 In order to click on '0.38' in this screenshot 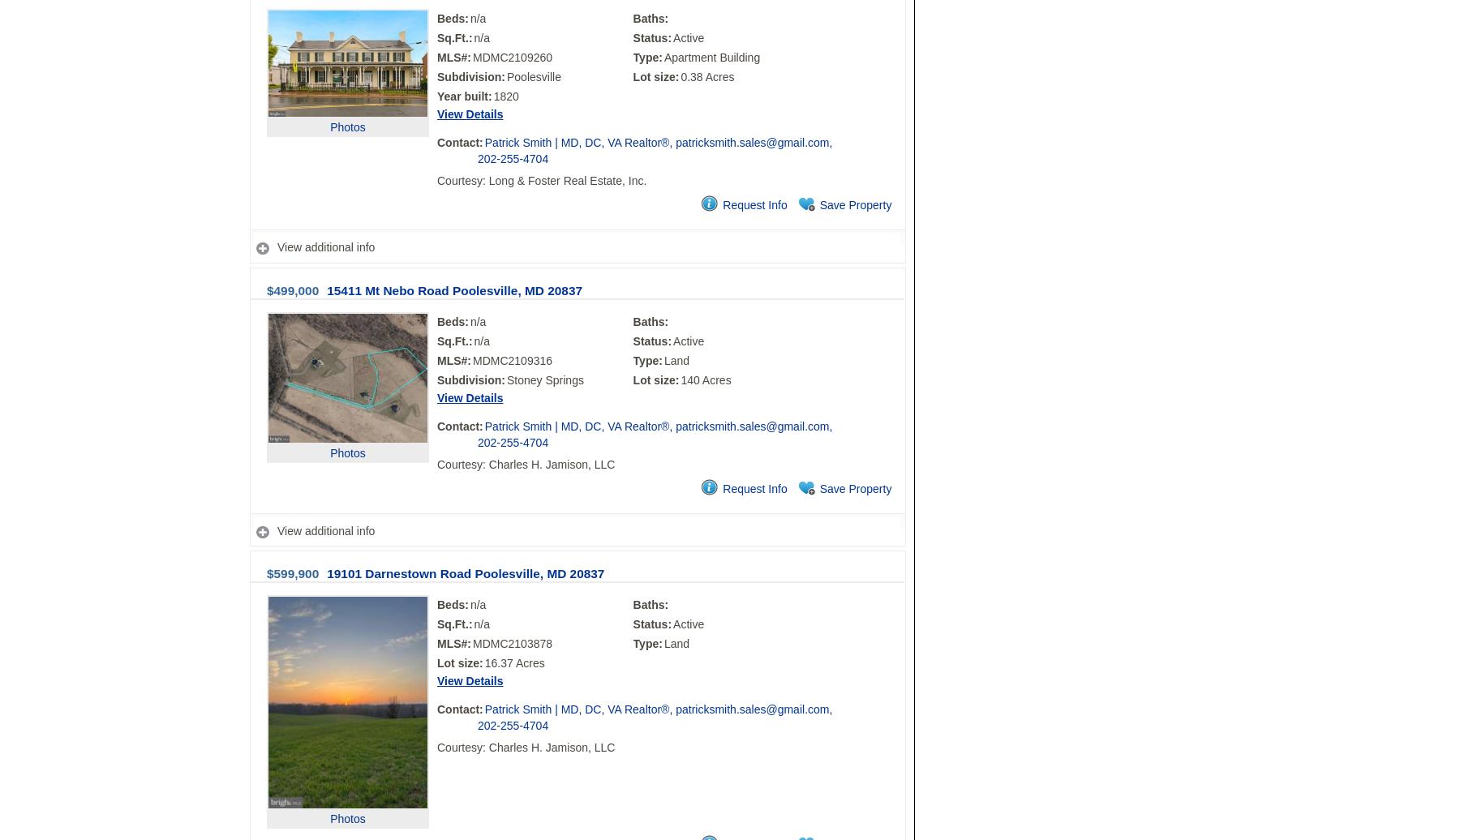, I will do `click(691, 77)`.